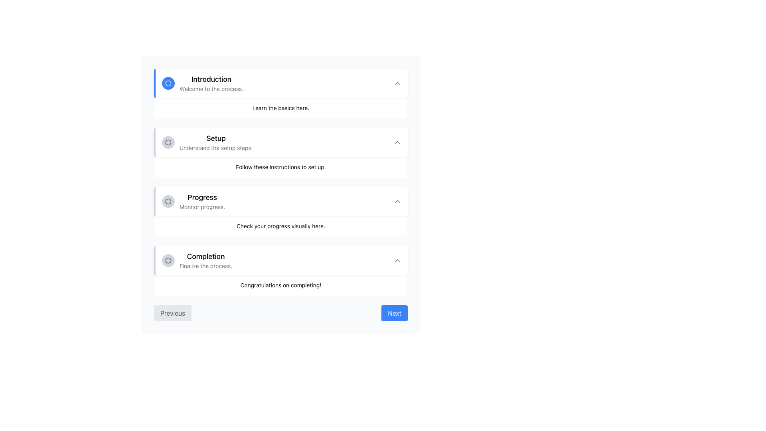 Image resolution: width=766 pixels, height=431 pixels. Describe the element at coordinates (395, 313) in the screenshot. I see `the navigation button located at the bottom-right part of the interface` at that location.